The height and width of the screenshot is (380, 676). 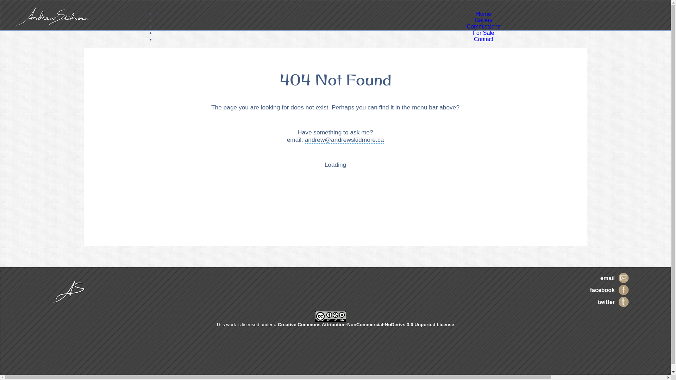 What do you see at coordinates (344, 140) in the screenshot?
I see `'andrew@andrewskidmore.ca'` at bounding box center [344, 140].